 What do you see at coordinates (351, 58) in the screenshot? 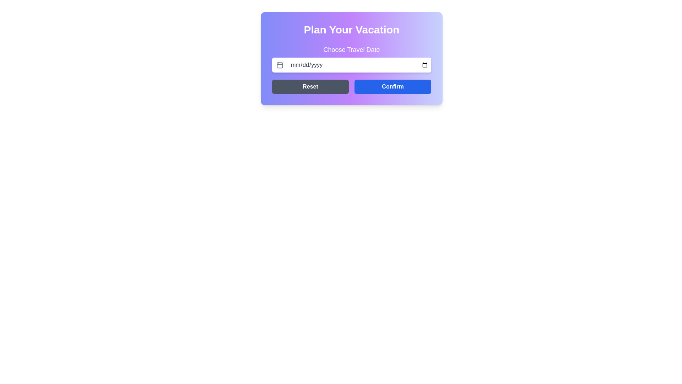
I see `a date using the calendar icon from the Date Picker Input located in the 'Plan Your Vacation' card` at bounding box center [351, 58].